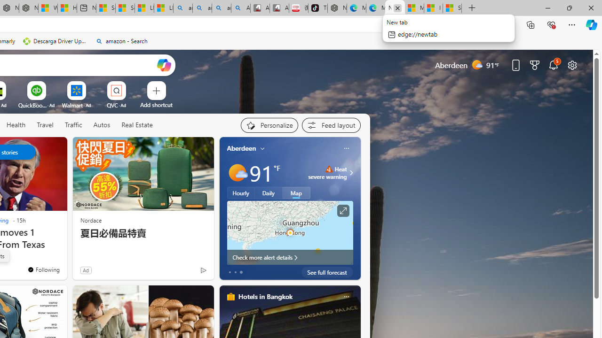 The width and height of the screenshot is (602, 338). What do you see at coordinates (327, 172) in the screenshot?
I see `'Heat - Severe Heat severe warning'` at bounding box center [327, 172].